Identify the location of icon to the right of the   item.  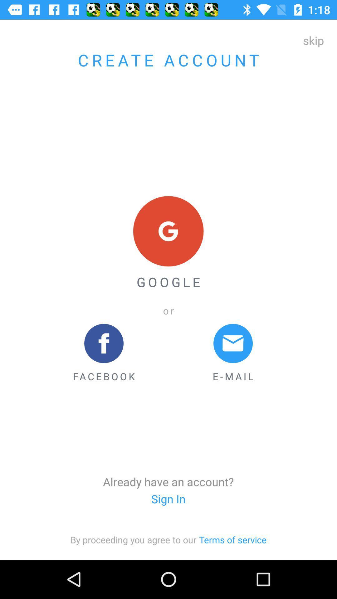
(233, 539).